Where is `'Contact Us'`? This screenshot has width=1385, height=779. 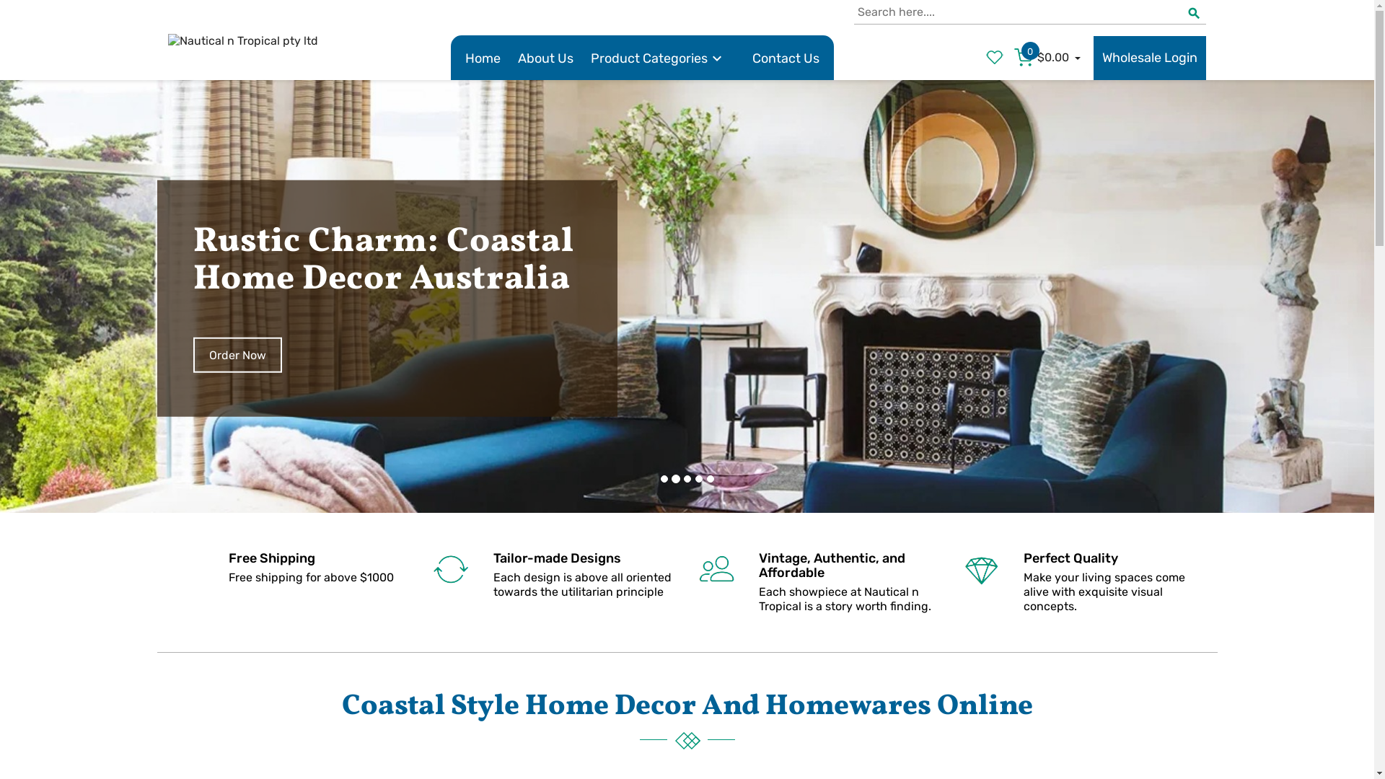
'Contact Us' is located at coordinates (751, 58).